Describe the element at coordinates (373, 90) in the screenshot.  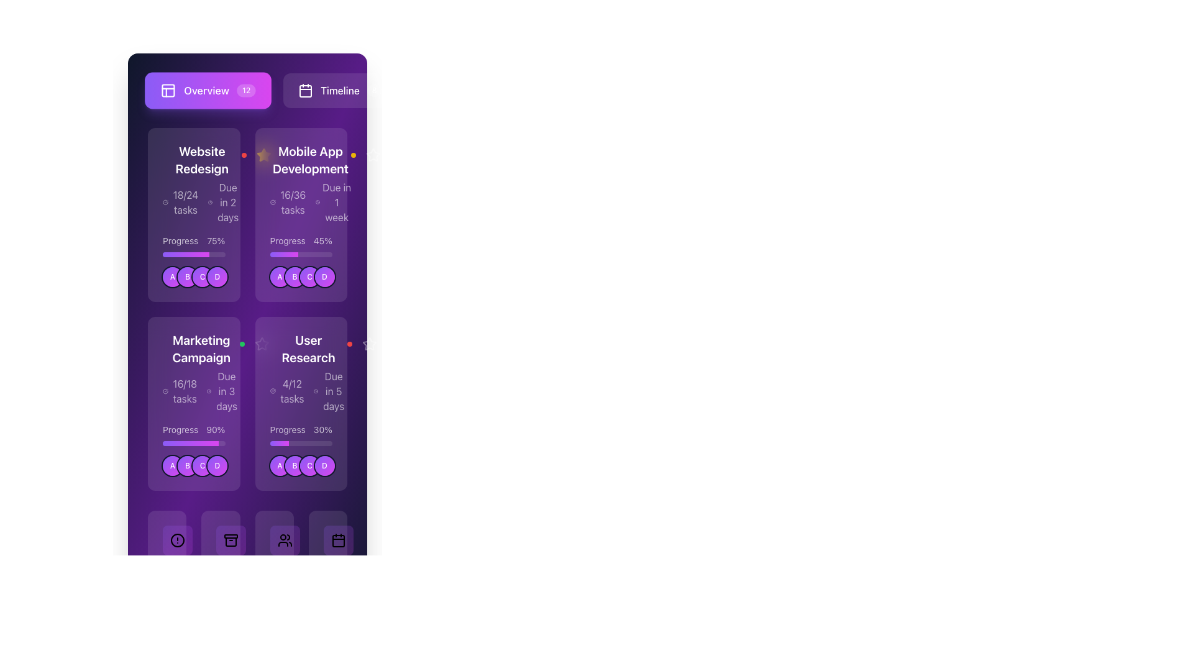
I see `the displayed information in the small badge component showing the number '8' in white text, located in the rightmost section of the top navigation bar, immediately to the right of the 'Timeline' label` at that location.